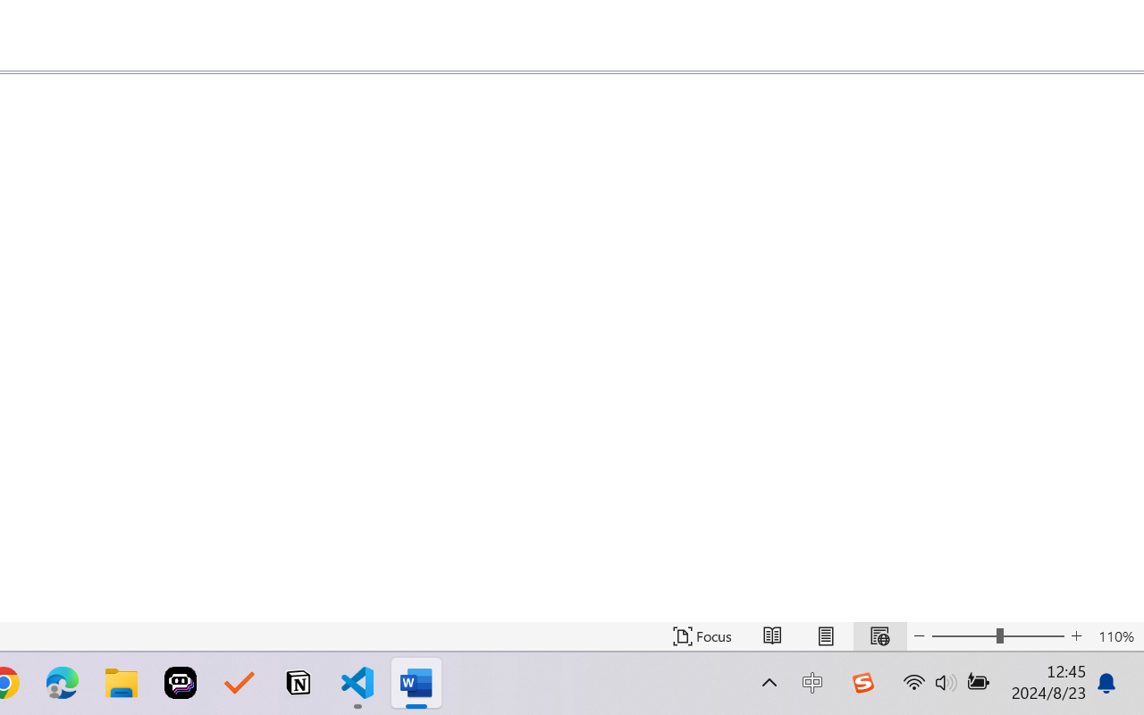  Describe the element at coordinates (1115, 635) in the screenshot. I see `'Zoom 110%'` at that location.